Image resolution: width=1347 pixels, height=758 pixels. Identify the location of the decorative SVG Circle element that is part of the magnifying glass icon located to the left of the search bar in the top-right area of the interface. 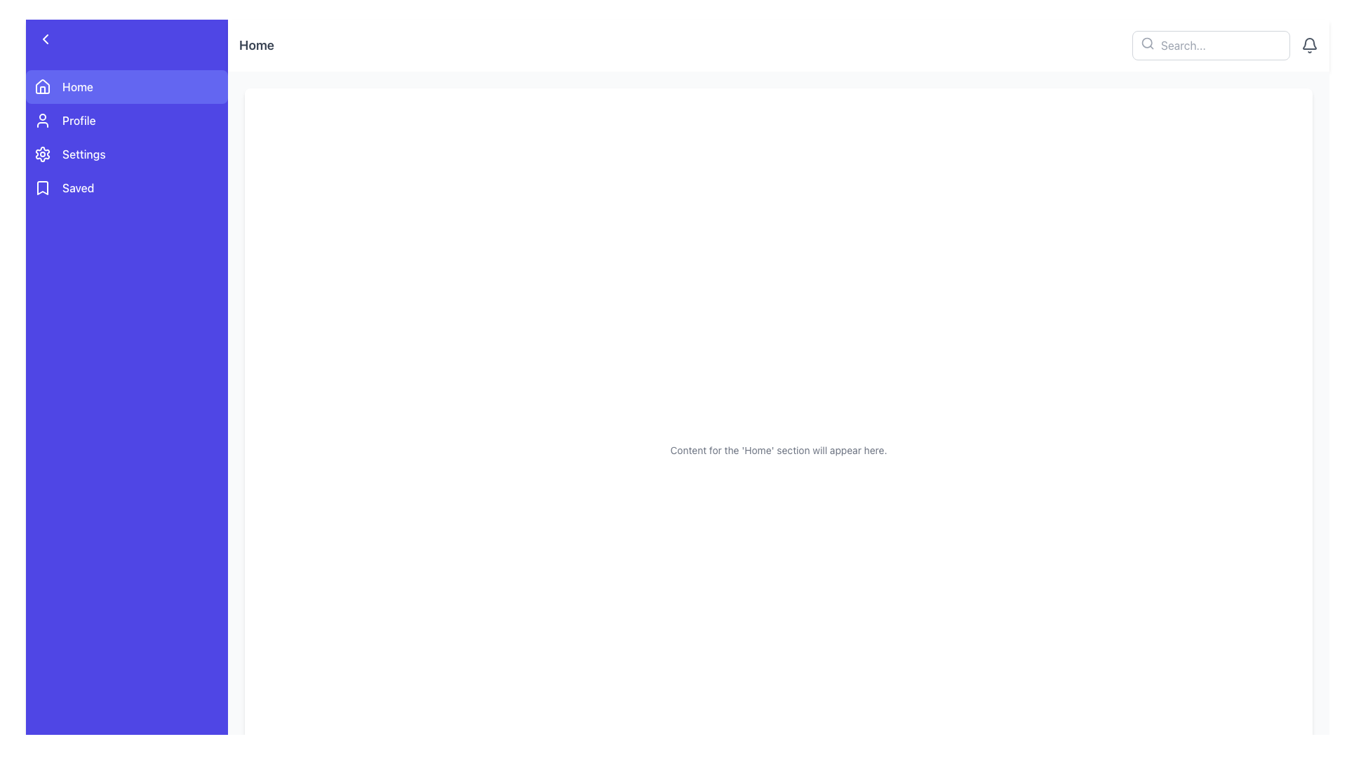
(1147, 42).